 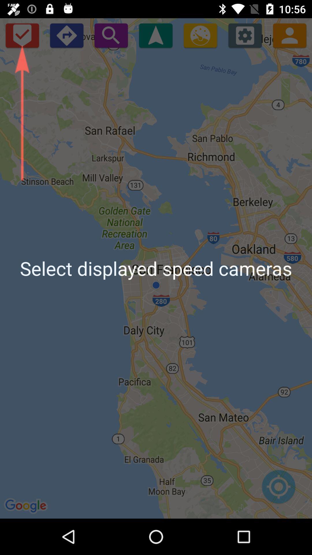 I want to click on link for directions, so click(x=66, y=35).